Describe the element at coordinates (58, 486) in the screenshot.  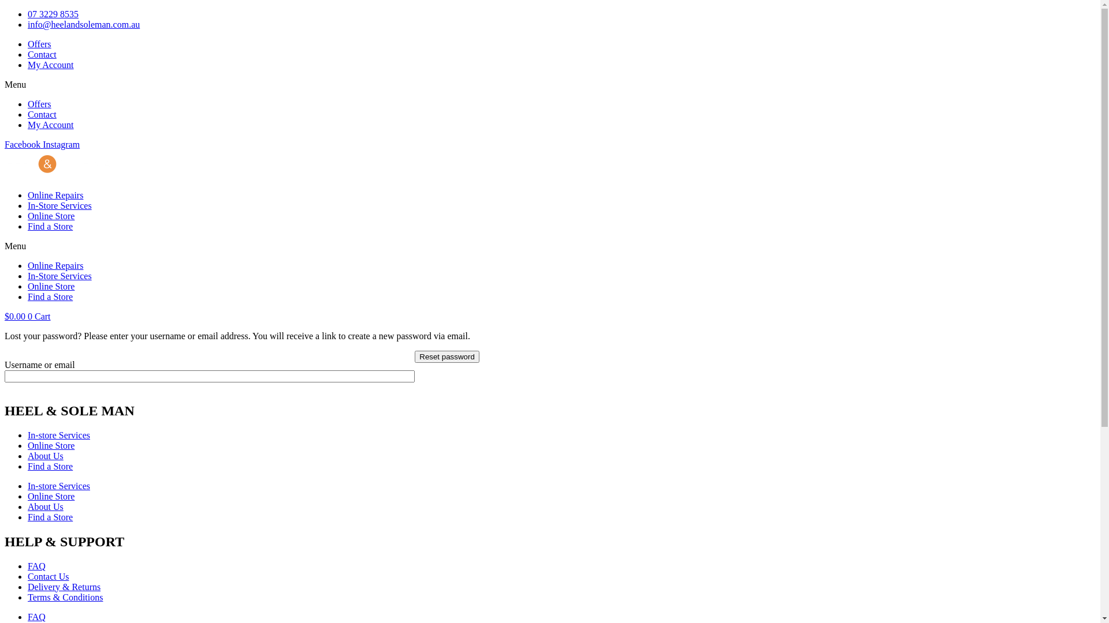
I see `'In-store Services'` at that location.